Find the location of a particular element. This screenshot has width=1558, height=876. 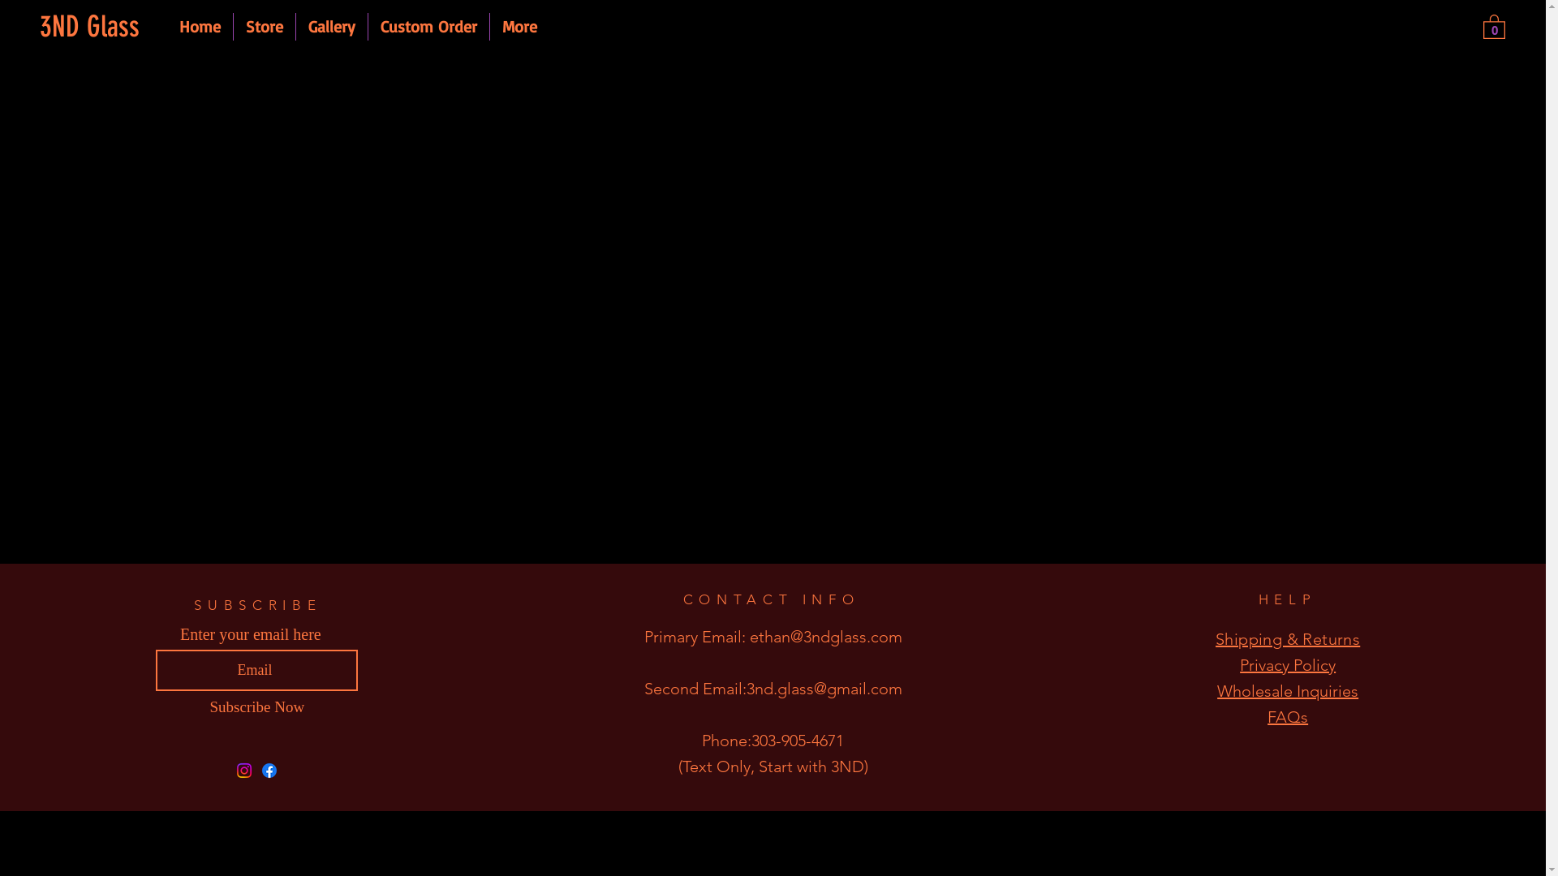

'Subscribe Now' is located at coordinates (256, 706).